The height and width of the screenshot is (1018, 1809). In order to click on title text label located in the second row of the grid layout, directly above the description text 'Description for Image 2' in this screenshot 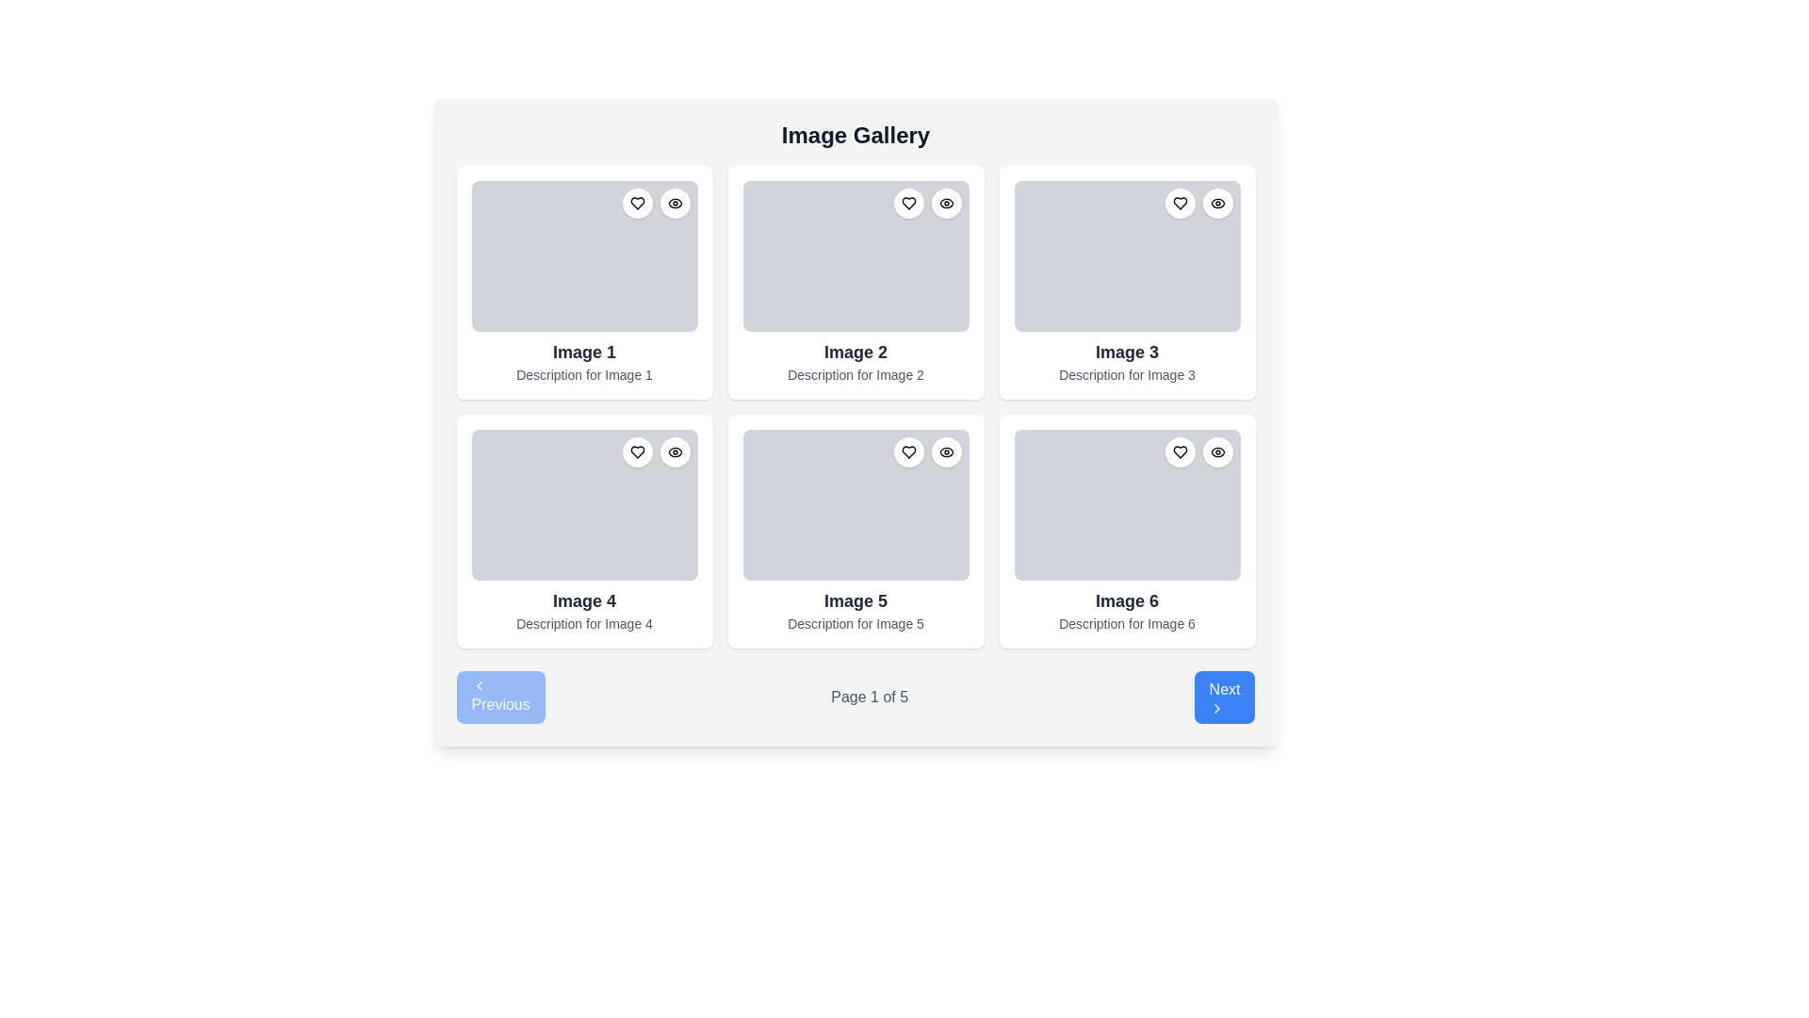, I will do `click(855, 353)`.